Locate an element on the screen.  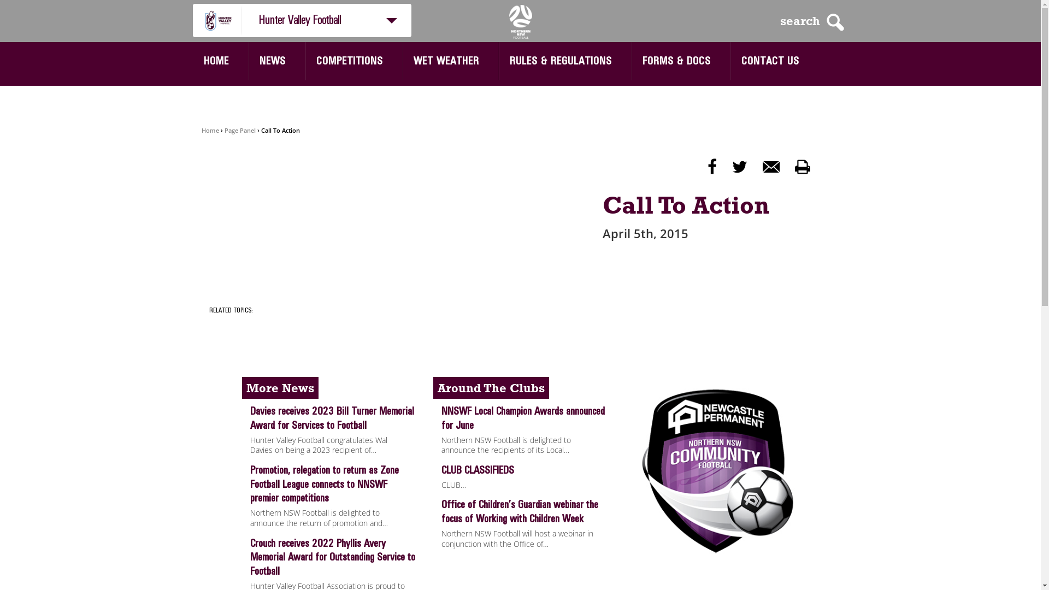
'COMPETITIONS' is located at coordinates (348, 61).